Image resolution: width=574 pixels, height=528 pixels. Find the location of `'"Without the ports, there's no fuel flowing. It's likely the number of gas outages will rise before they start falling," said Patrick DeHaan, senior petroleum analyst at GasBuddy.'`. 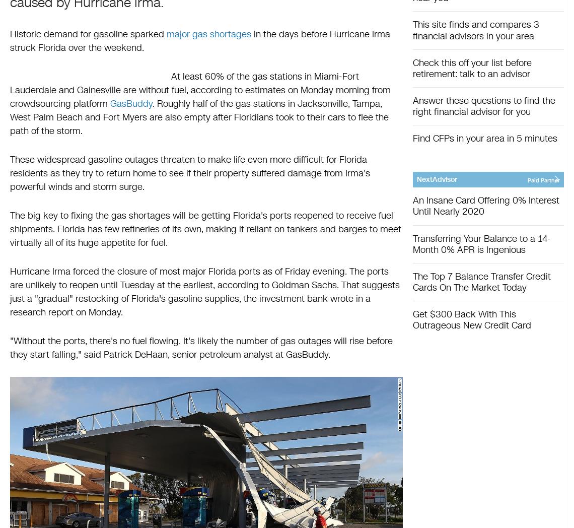

'"Without the ports, there's no fuel flowing. It's likely the number of gas outages will rise before they start falling," said Patrick DeHaan, senior petroleum analyst at GasBuddy.' is located at coordinates (201, 348).